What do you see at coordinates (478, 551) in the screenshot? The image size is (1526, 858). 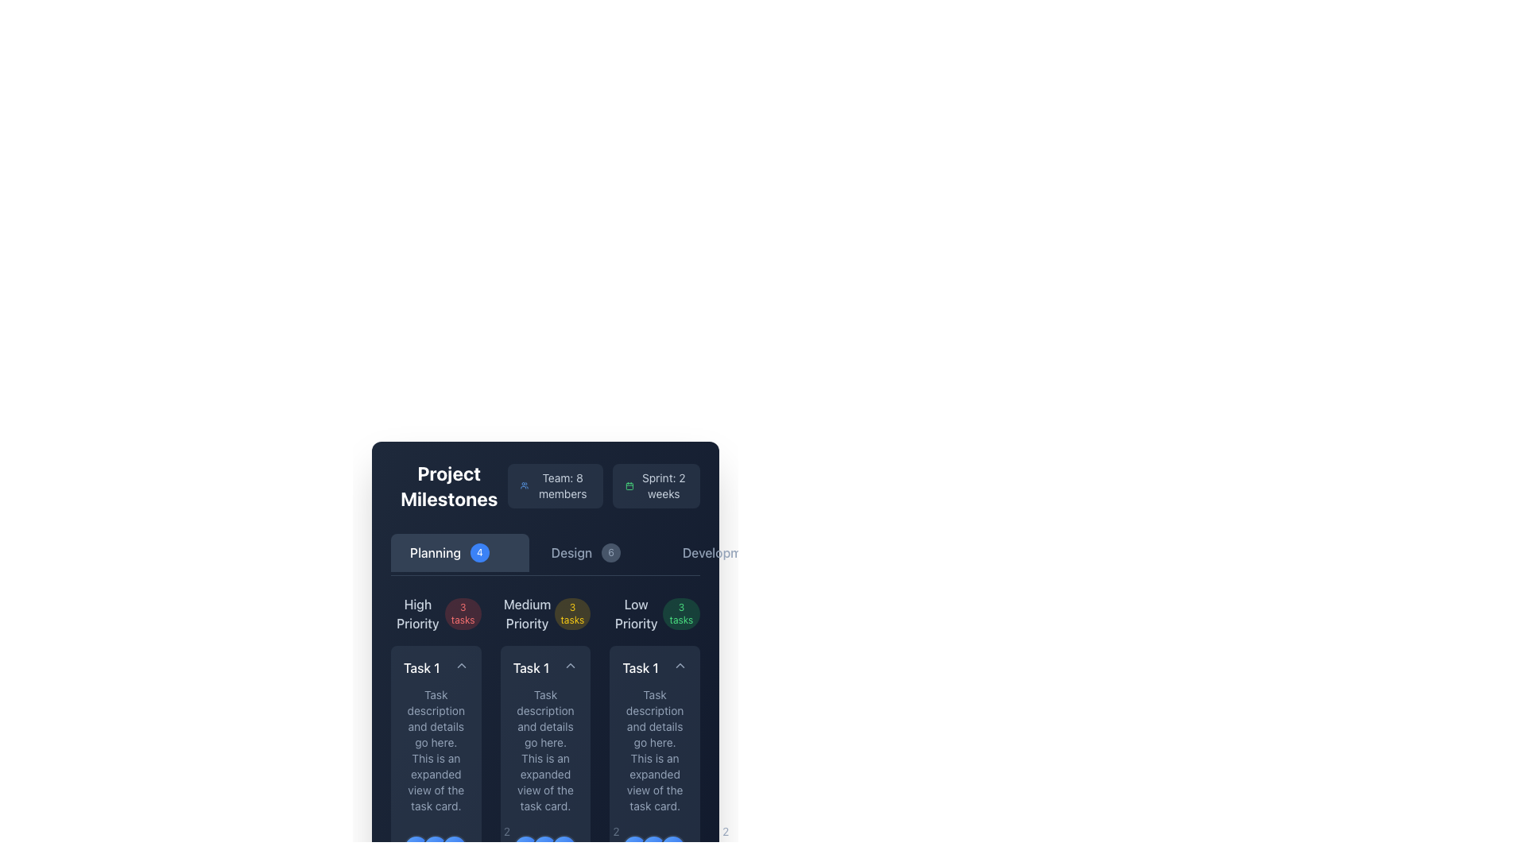 I see `the small circular badge with a blue background and white text '4', located to the right of the text 'Planning'` at bounding box center [478, 551].